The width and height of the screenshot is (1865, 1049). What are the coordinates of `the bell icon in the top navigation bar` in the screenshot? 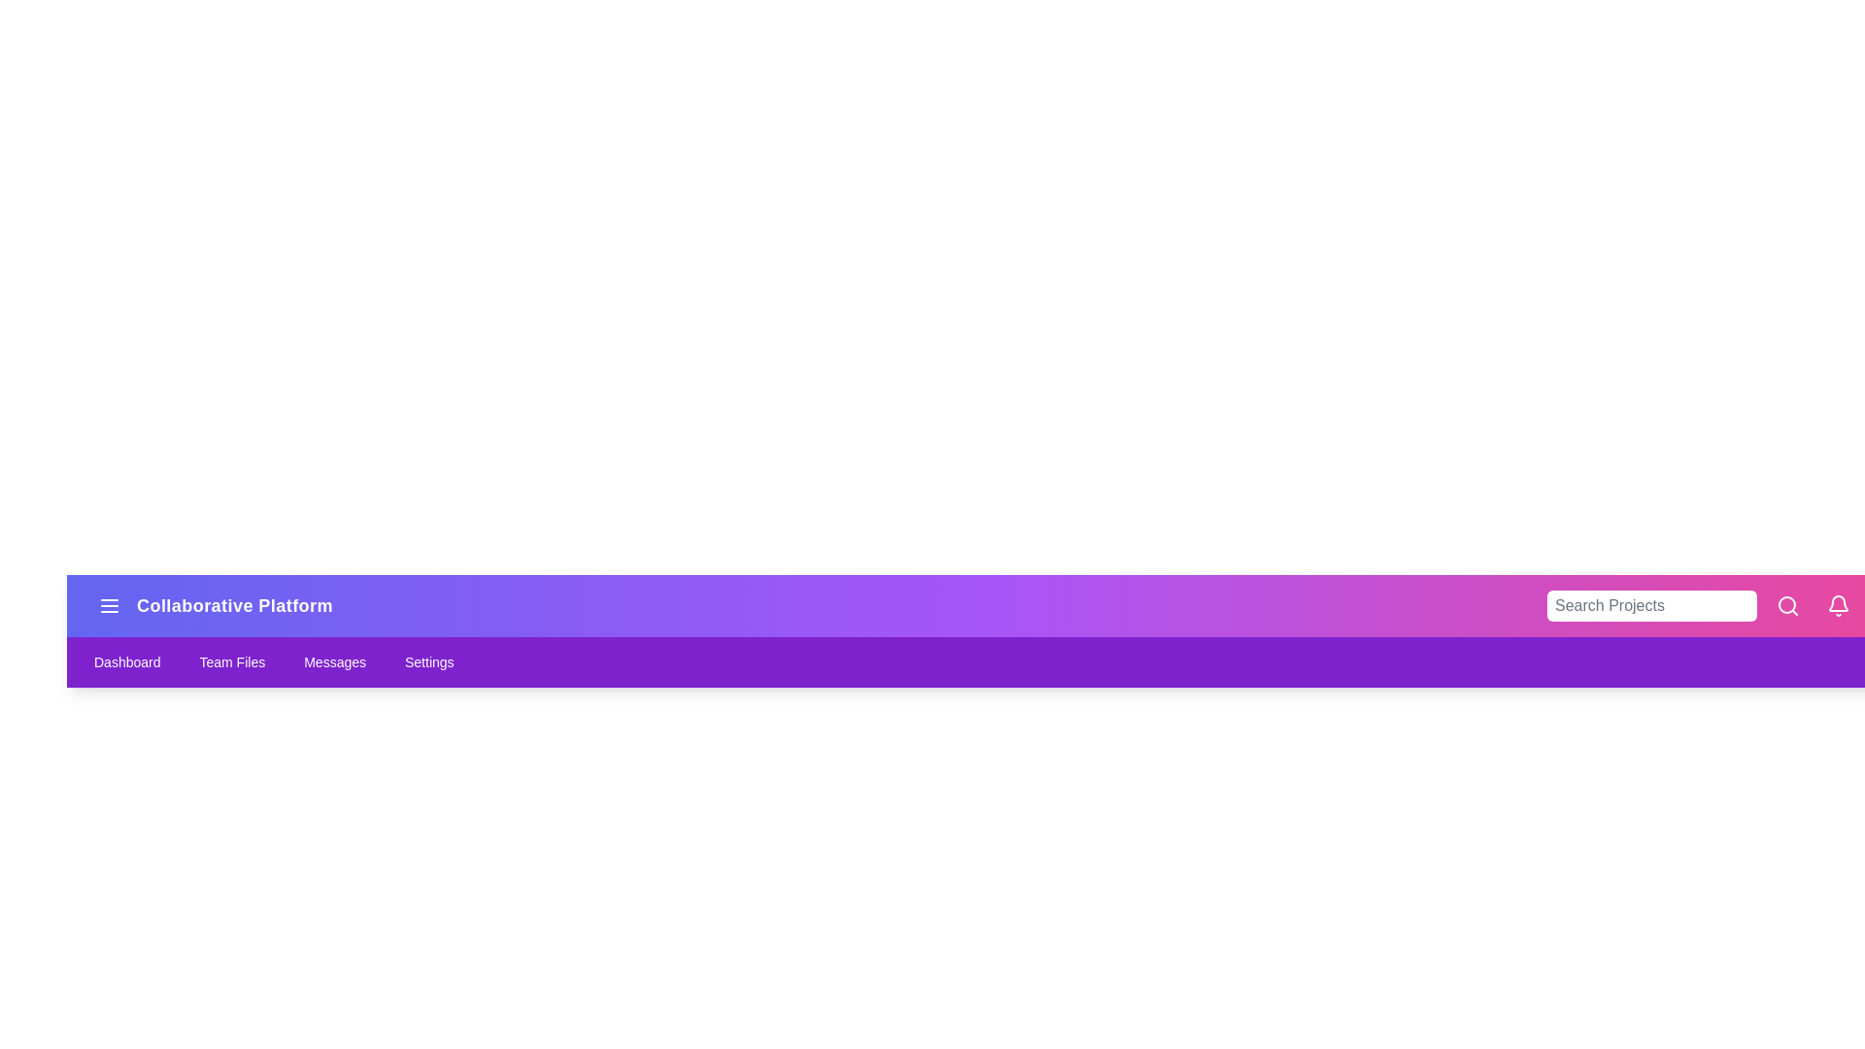 It's located at (1837, 605).